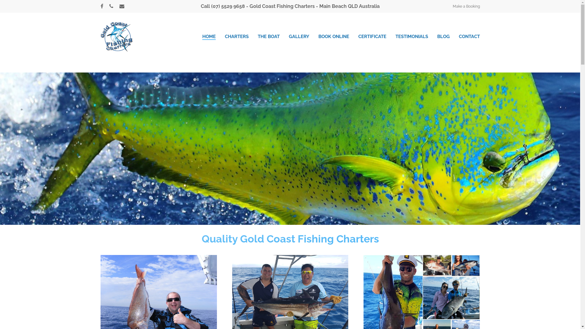  I want to click on 'Make a Booking', so click(466, 6).